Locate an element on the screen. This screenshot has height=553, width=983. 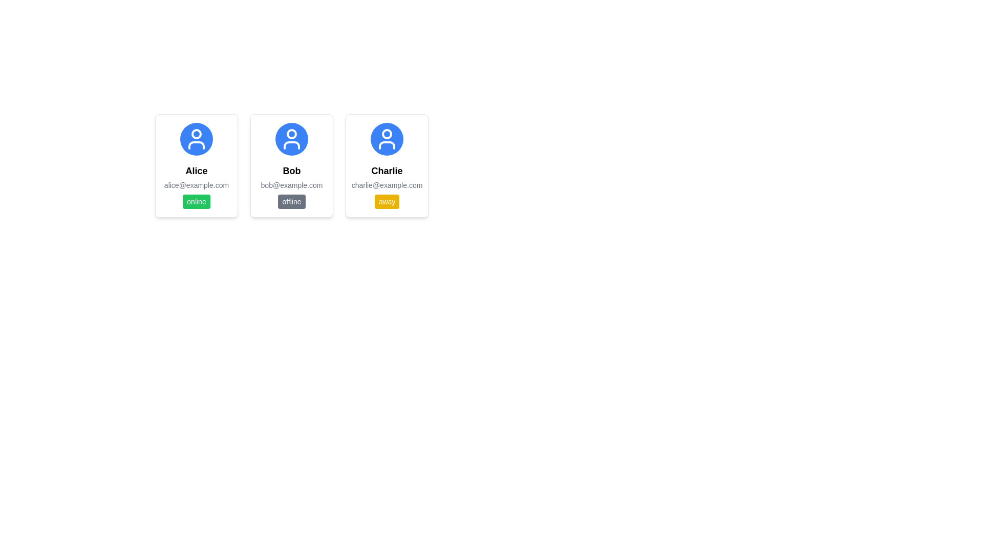
the upper circular region of the avatar icon representing user 'Charlie' in the third card of the horizontal list is located at coordinates (386, 134).